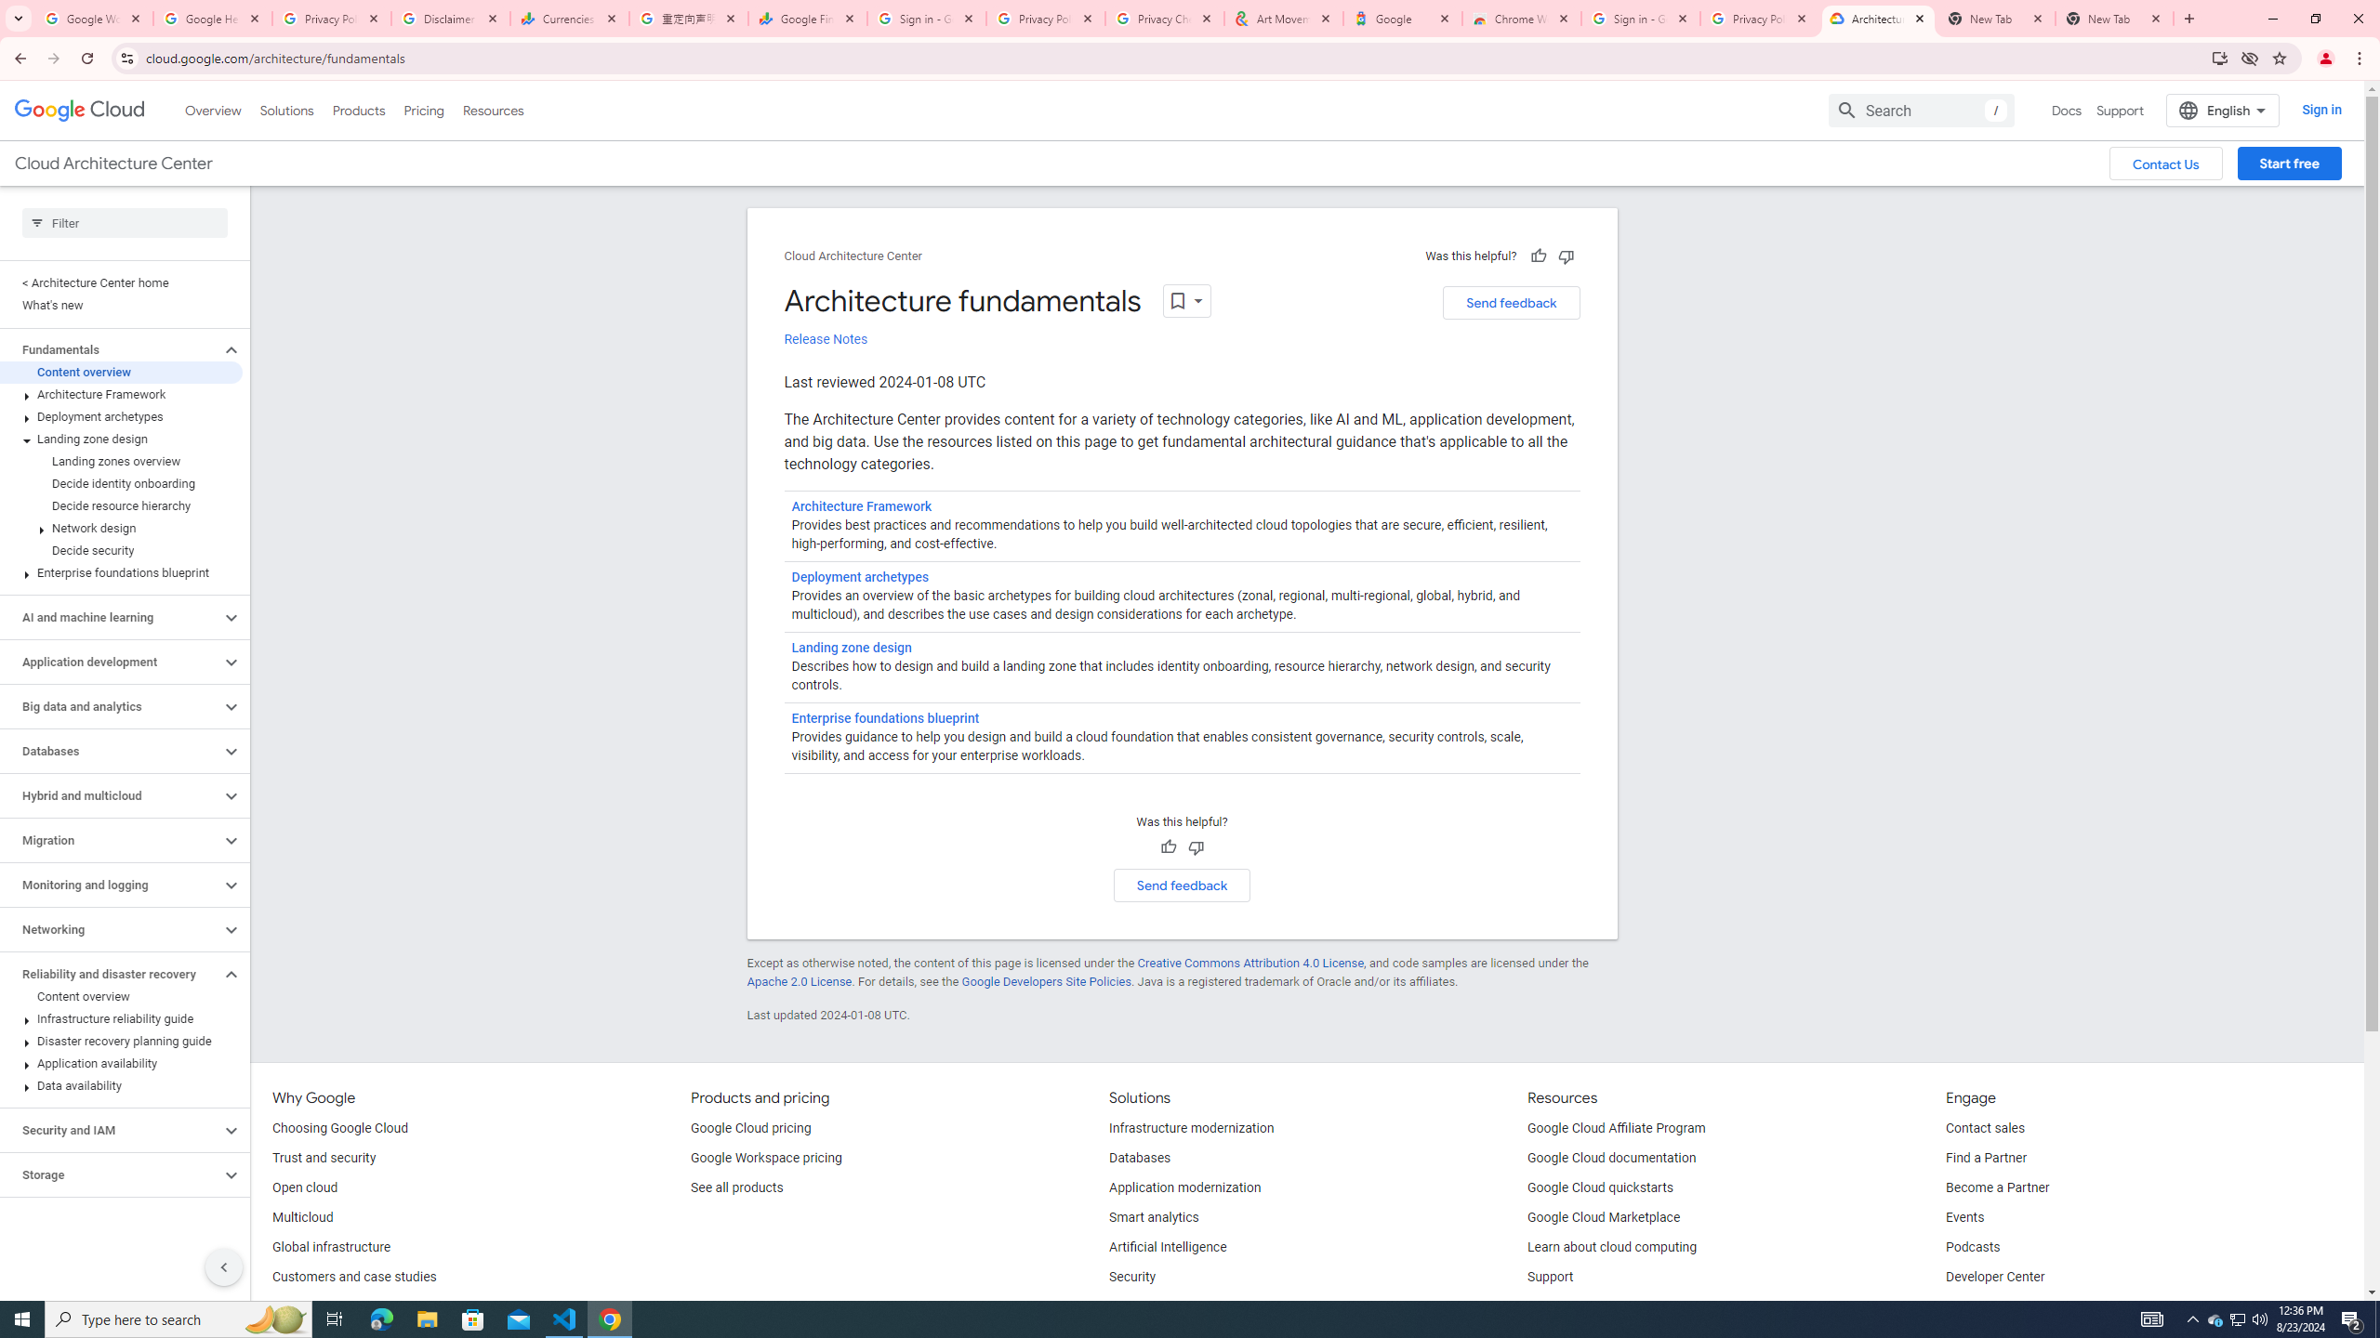 The width and height of the screenshot is (2380, 1338). I want to click on 'Global infrastructure', so click(329, 1248).